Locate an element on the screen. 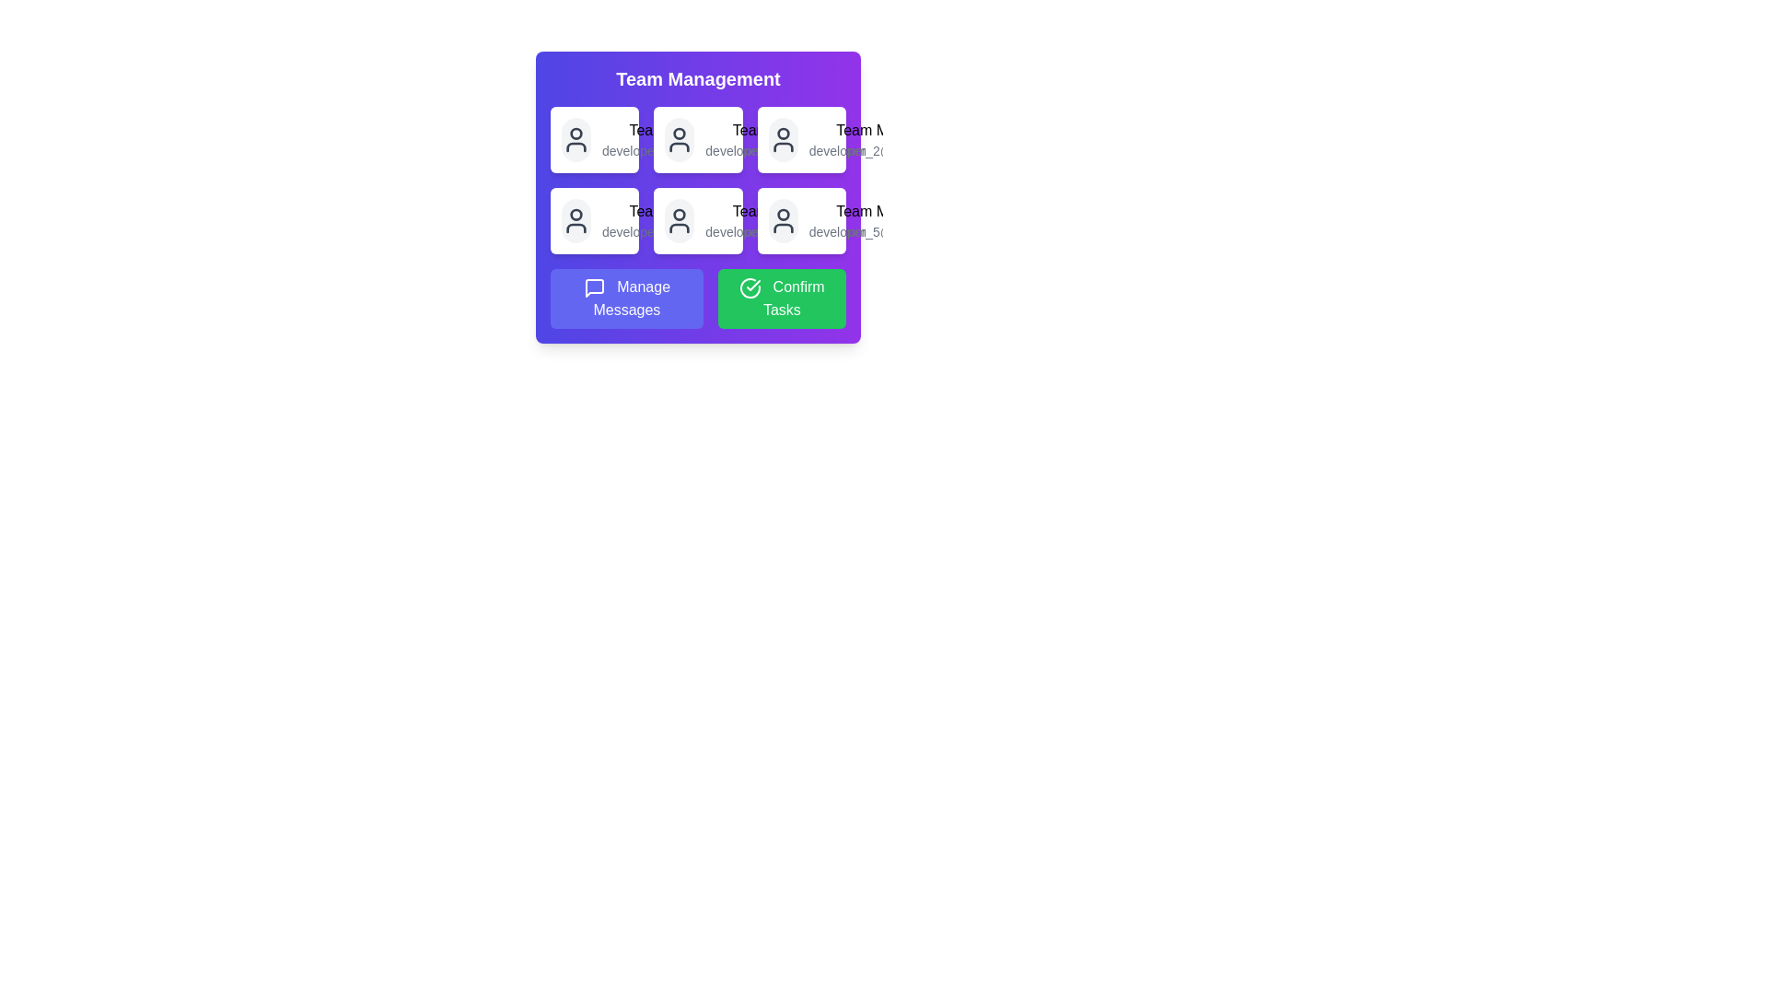  the lower segment of the user profile SVG icon, which is located in the second row and second column of the team grid layout is located at coordinates (575, 227).